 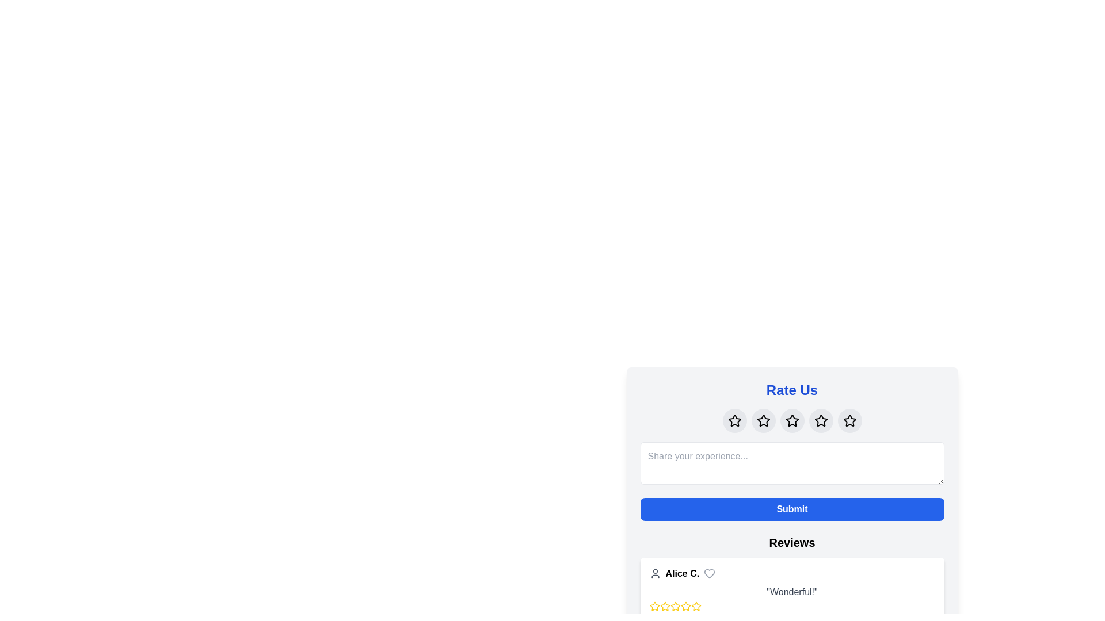 What do you see at coordinates (849, 420) in the screenshot?
I see `the fifth star button in the 'Rate Us' section` at bounding box center [849, 420].